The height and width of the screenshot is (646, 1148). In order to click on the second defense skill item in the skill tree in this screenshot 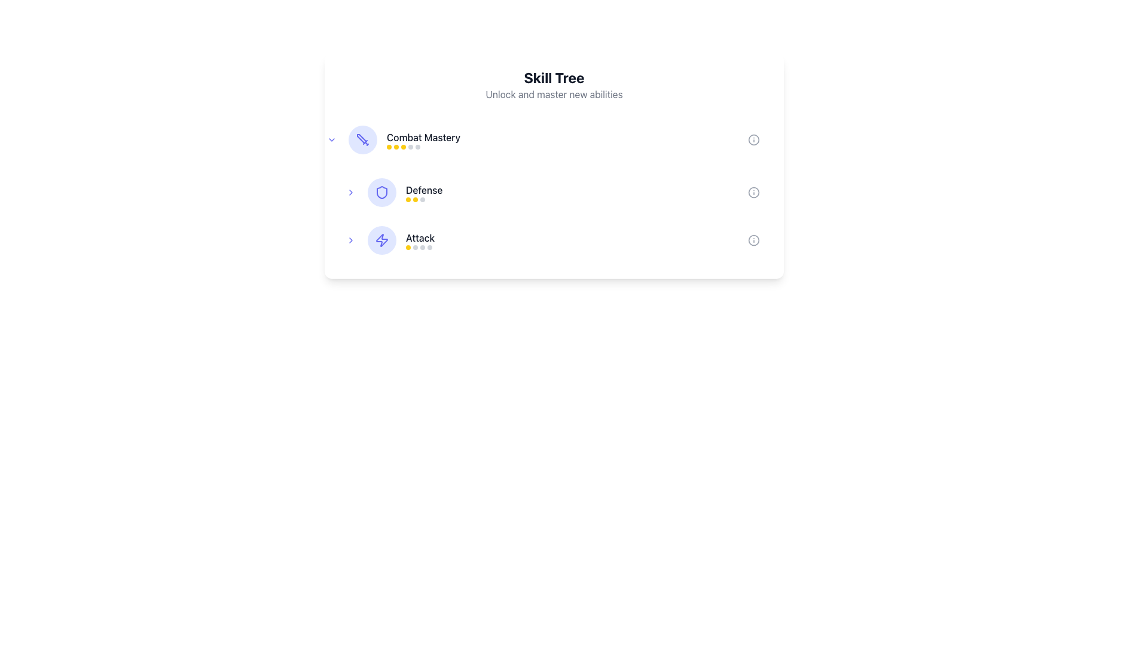, I will do `click(553, 217)`.